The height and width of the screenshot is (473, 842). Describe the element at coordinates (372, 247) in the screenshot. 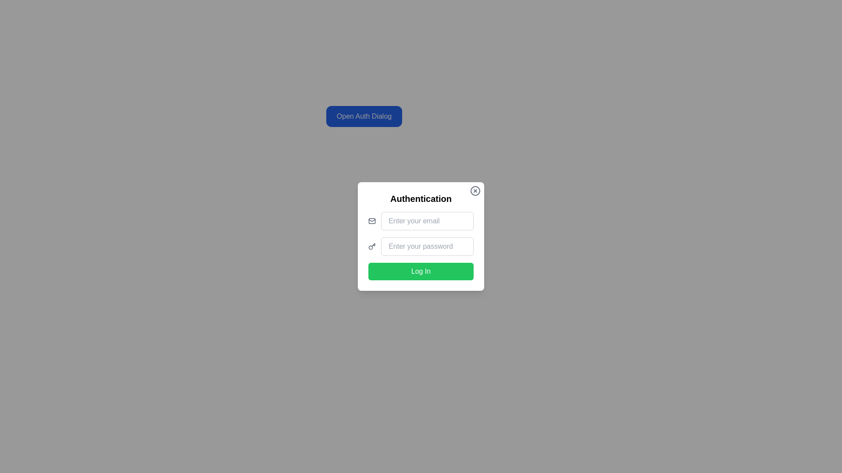

I see `the key icon (SVG) located on the left side of the password input field in the authentication dialog to enhance visual context` at that location.